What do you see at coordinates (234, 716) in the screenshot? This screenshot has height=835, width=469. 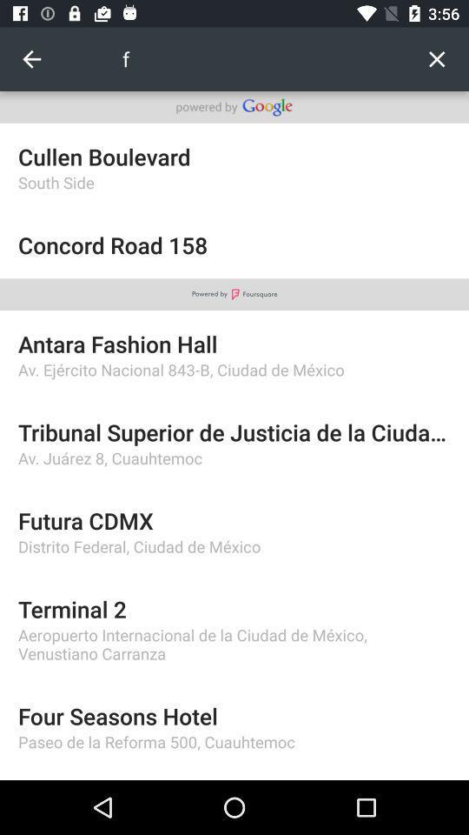 I see `icon below the aeropuerto internacional de icon` at bounding box center [234, 716].